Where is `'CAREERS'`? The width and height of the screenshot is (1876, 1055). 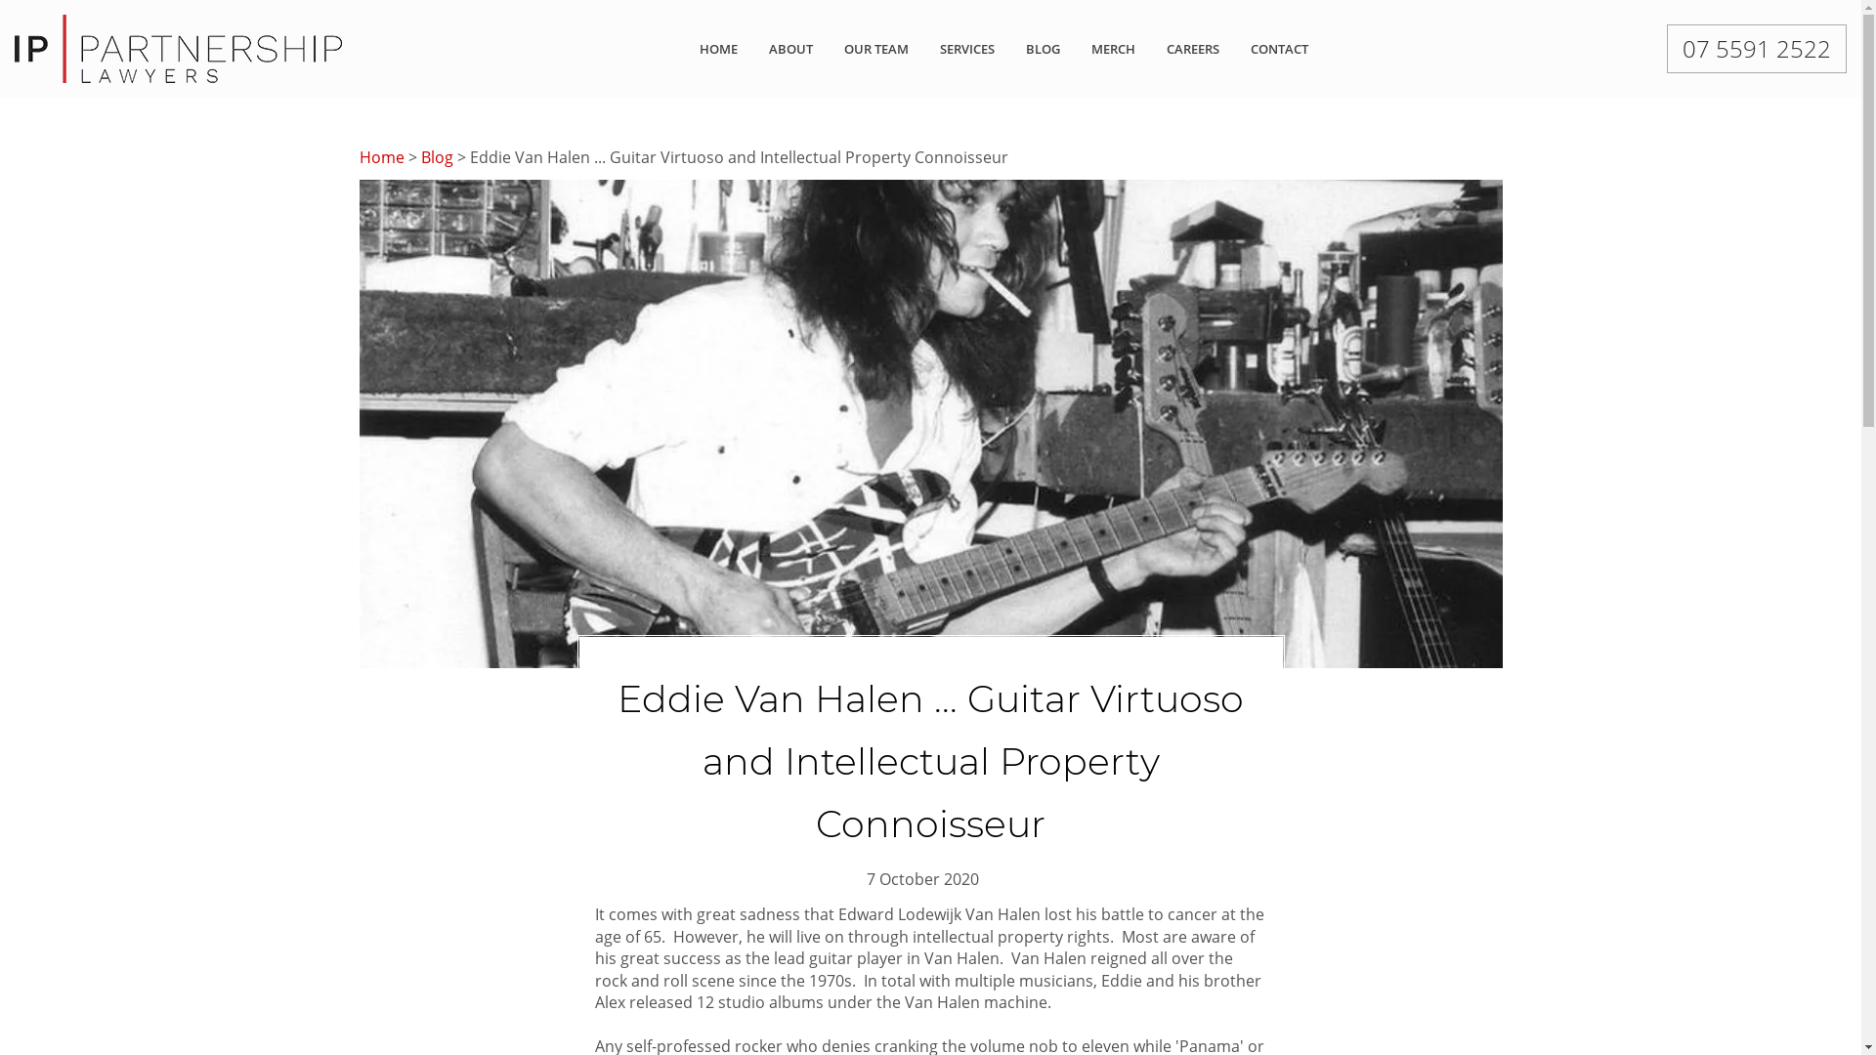 'CAREERS' is located at coordinates (1191, 48).